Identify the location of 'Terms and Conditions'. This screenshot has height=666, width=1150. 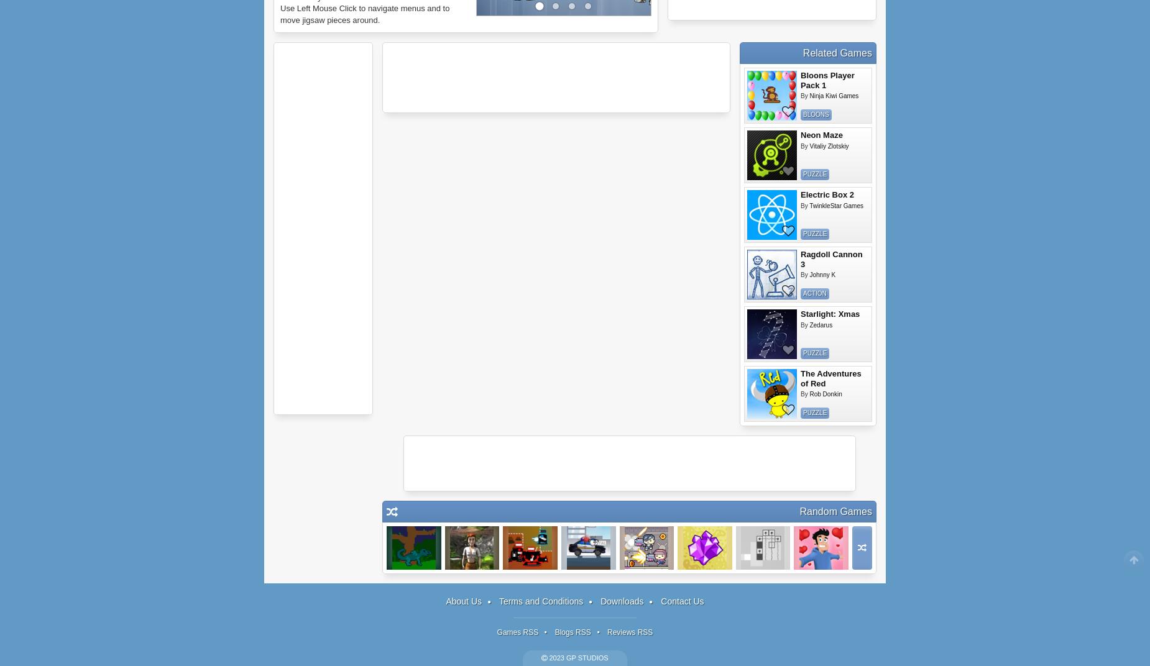
(541, 601).